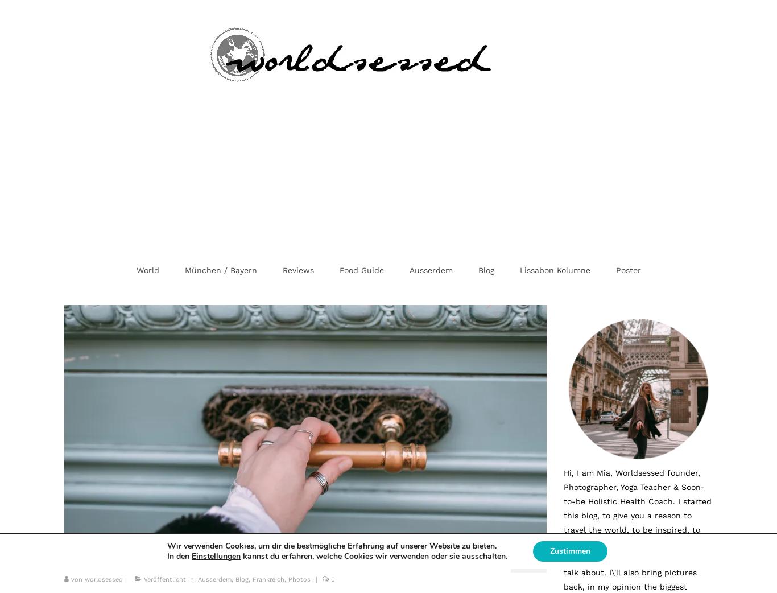  What do you see at coordinates (569, 551) in the screenshot?
I see `'Zustimmen'` at bounding box center [569, 551].